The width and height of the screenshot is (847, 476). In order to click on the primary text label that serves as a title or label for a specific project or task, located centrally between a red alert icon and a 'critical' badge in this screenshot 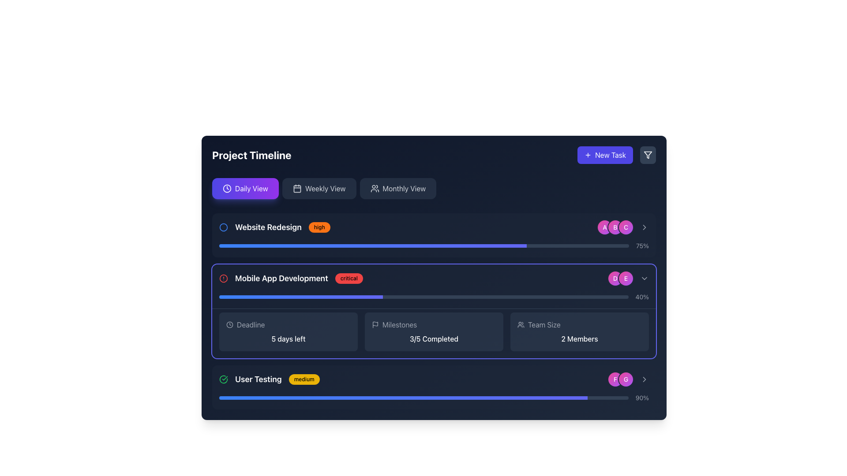, I will do `click(281, 279)`.